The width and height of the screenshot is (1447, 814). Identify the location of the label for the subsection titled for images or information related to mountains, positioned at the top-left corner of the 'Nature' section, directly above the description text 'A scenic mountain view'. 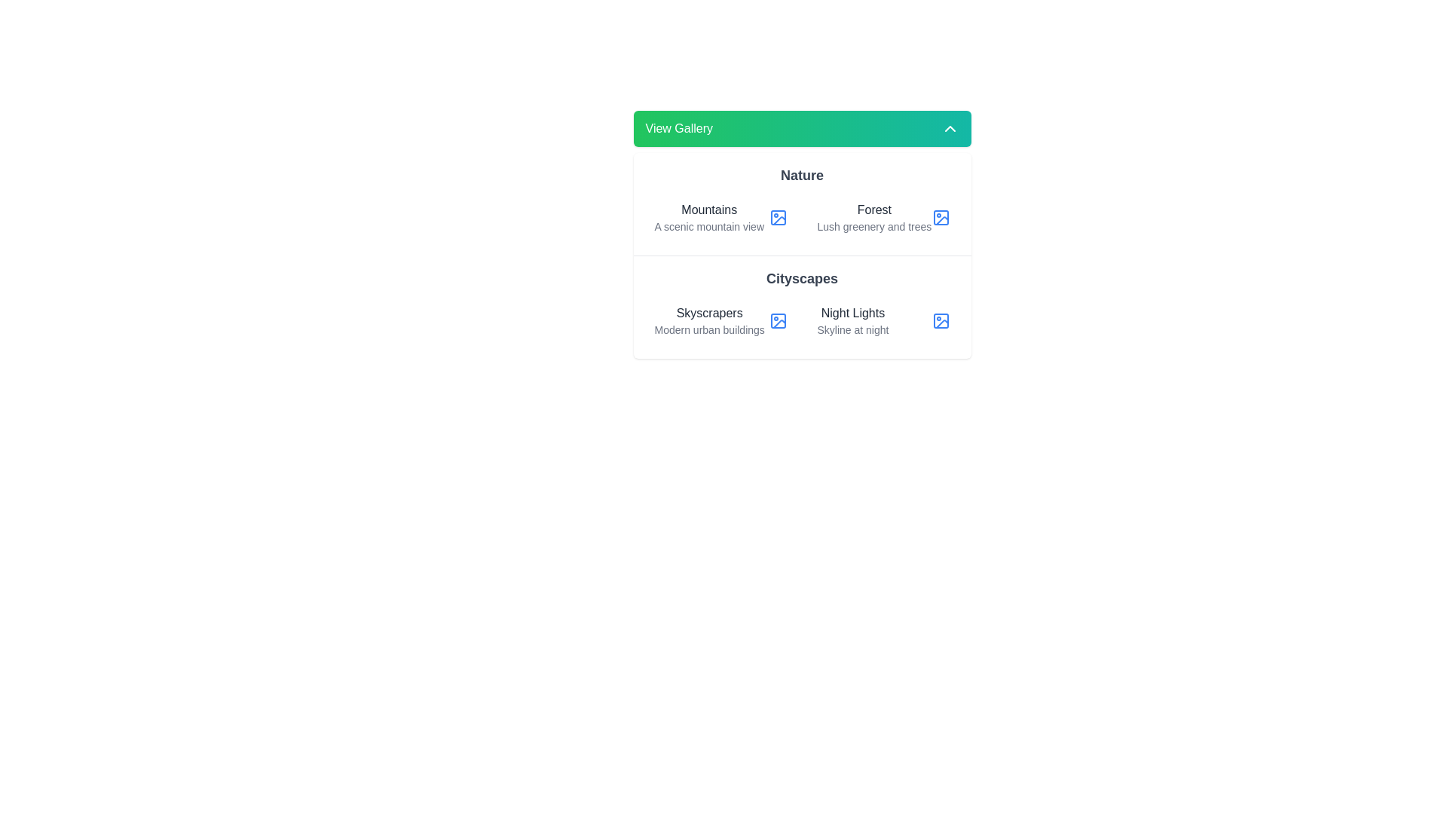
(708, 210).